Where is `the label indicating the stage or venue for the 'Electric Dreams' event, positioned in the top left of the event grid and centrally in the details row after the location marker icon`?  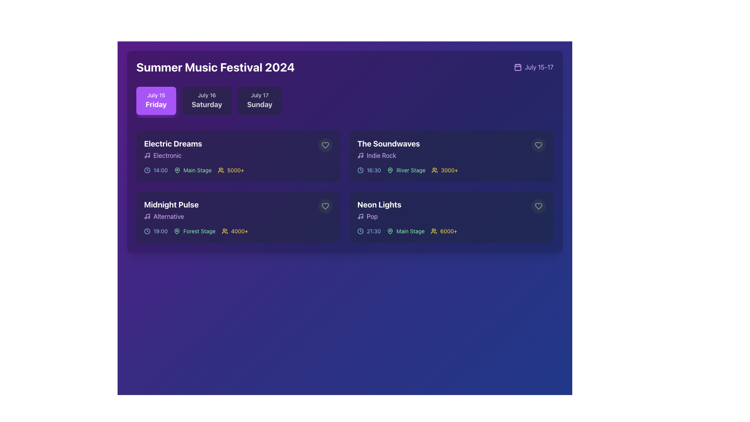 the label indicating the stage or venue for the 'Electric Dreams' event, positioned in the top left of the event grid and centrally in the details row after the location marker icon is located at coordinates (197, 170).